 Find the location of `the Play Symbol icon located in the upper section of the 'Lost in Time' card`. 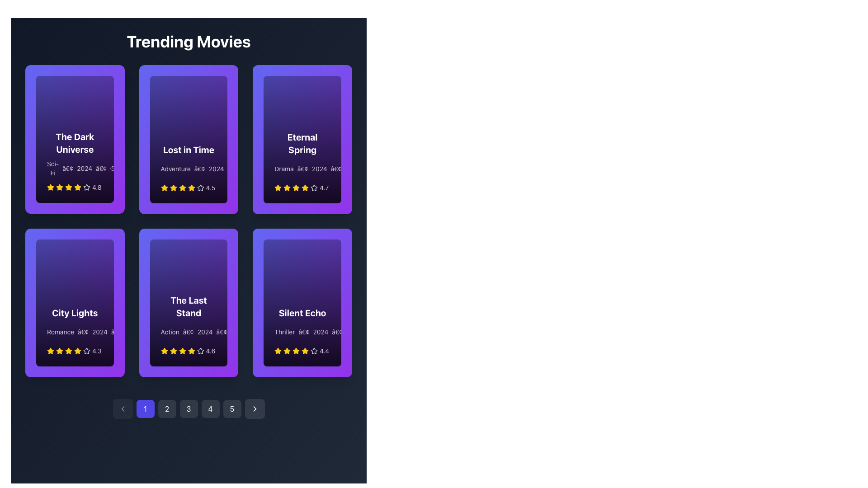

the Play Symbol icon located in the upper section of the 'Lost in Time' card is located at coordinates (223, 84).